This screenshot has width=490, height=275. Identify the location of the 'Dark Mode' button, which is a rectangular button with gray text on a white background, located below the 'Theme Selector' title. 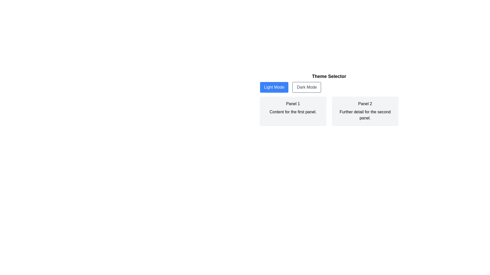
(307, 87).